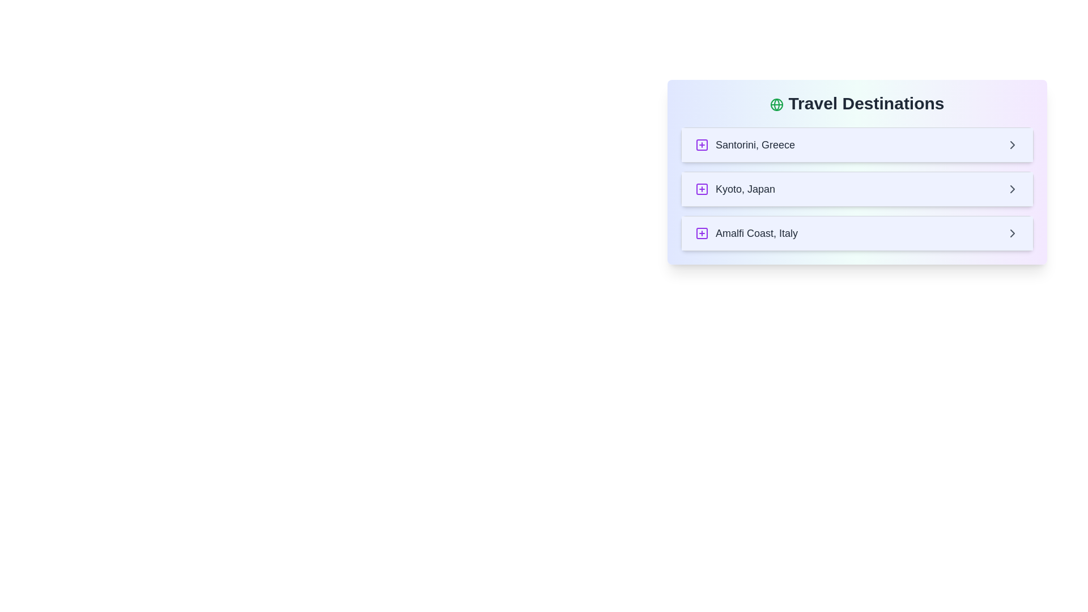 This screenshot has width=1088, height=612. What do you see at coordinates (776, 105) in the screenshot?
I see `the SVG circle that is part of the globe icon in the upper-left corner of the 'Travel Destinations' card` at bounding box center [776, 105].